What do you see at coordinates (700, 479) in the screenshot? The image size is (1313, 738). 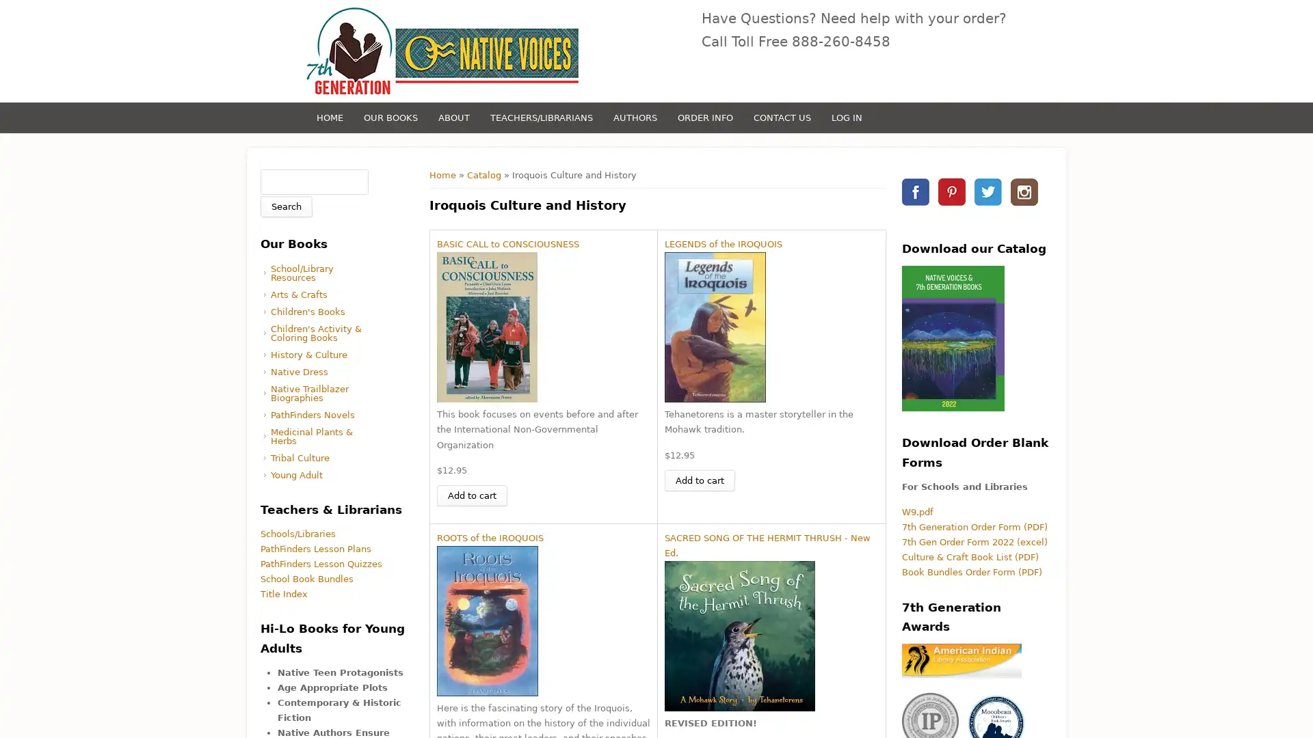 I see `Add to cart` at bounding box center [700, 479].